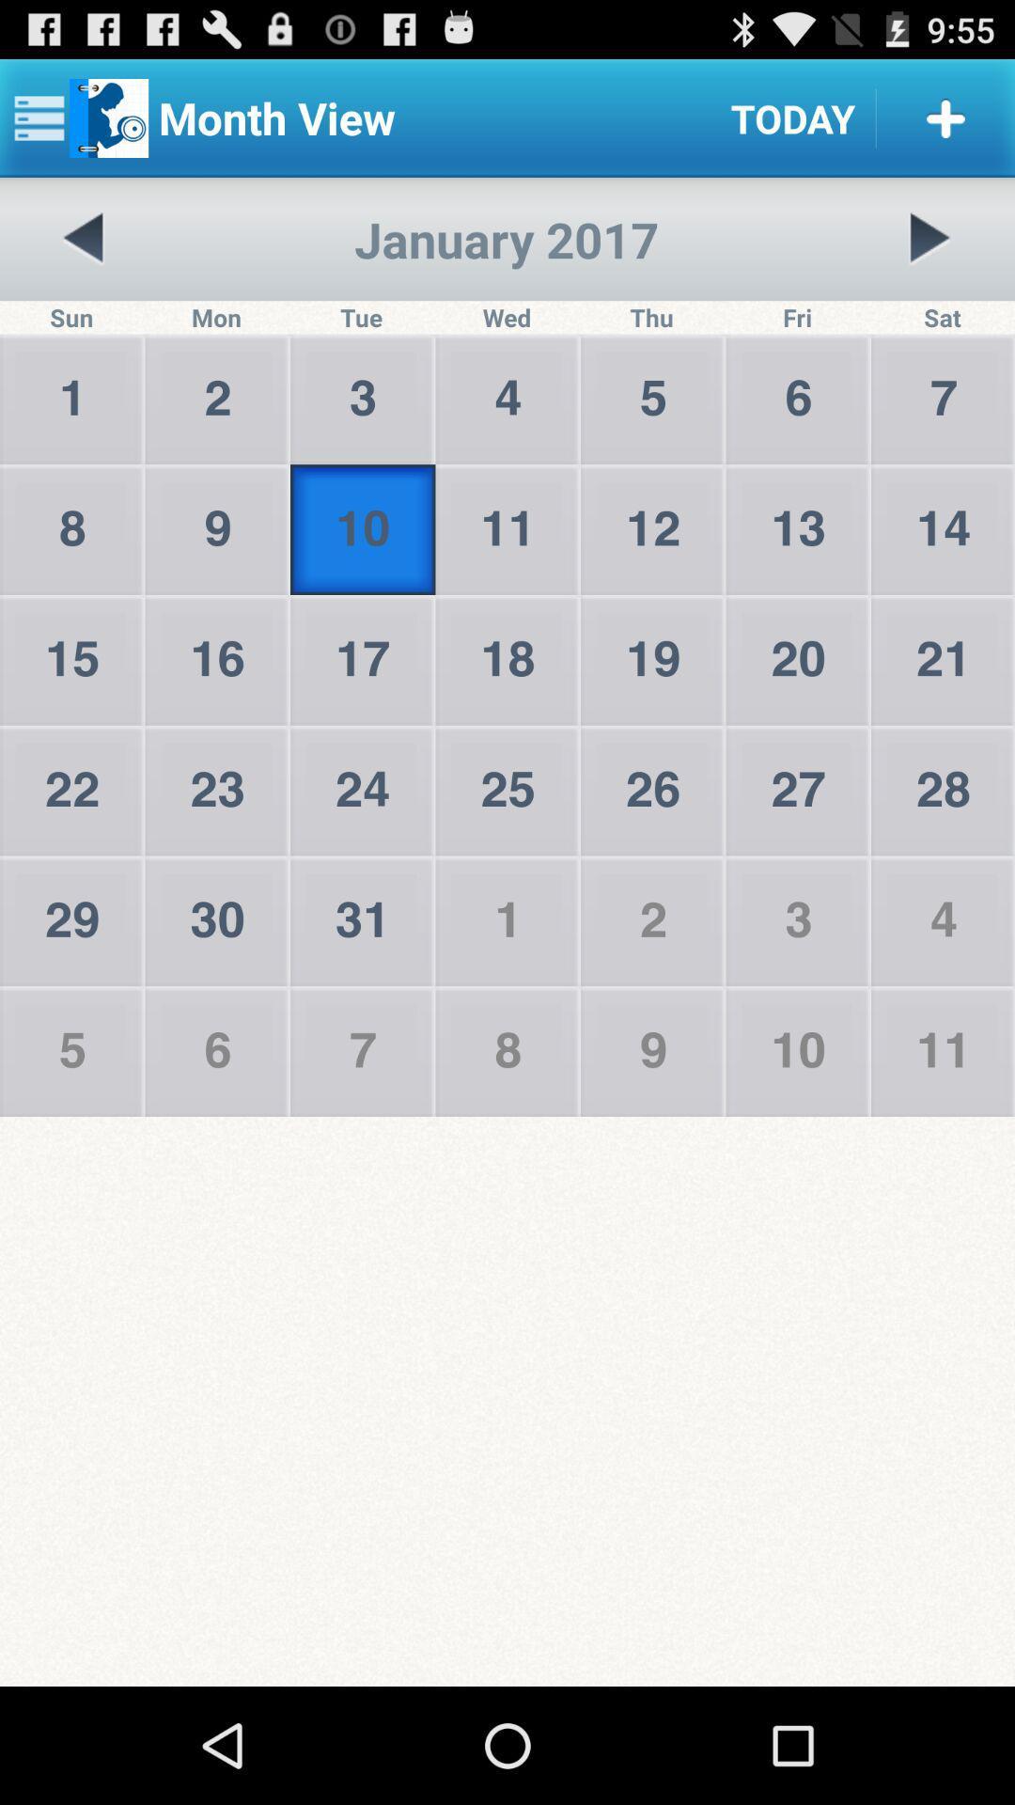 The width and height of the screenshot is (1015, 1805). What do you see at coordinates (83, 238) in the screenshot?
I see `the icon to the left of the tue icon` at bounding box center [83, 238].